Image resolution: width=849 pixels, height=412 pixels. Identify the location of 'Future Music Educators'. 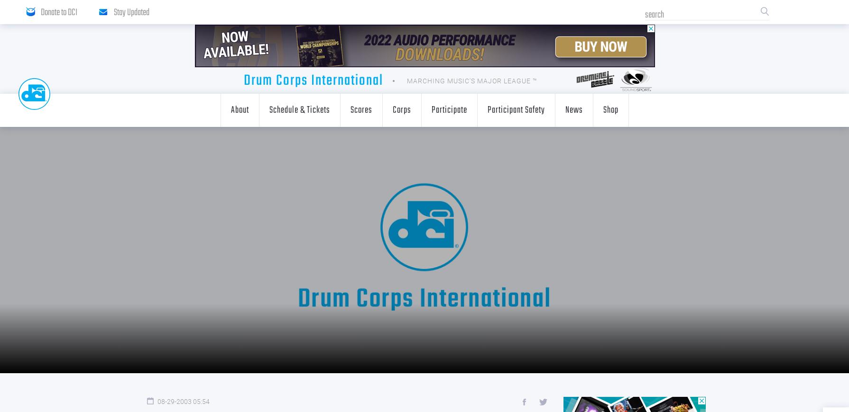
(339, 172).